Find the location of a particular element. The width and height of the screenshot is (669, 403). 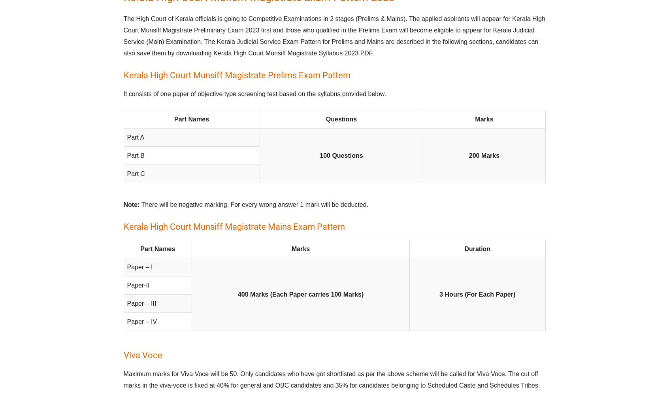

'Paper-II' is located at coordinates (138, 285).